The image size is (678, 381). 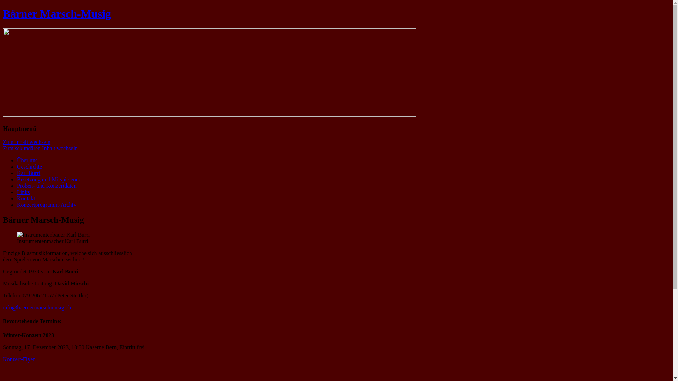 I want to click on 'Besetzung und Mitspielende', so click(x=17, y=179).